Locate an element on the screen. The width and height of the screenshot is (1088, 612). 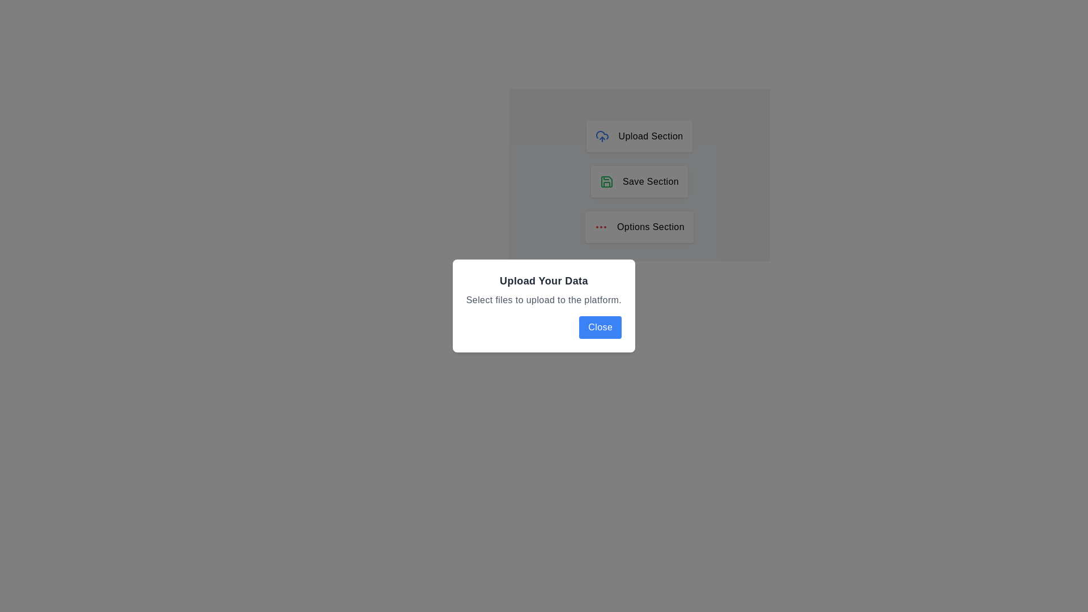
the 'Upload Section' text label element, which is bold and positioned near the top of a vertical stack of buttons, to the right of a cloud upload icon is located at coordinates (651, 135).